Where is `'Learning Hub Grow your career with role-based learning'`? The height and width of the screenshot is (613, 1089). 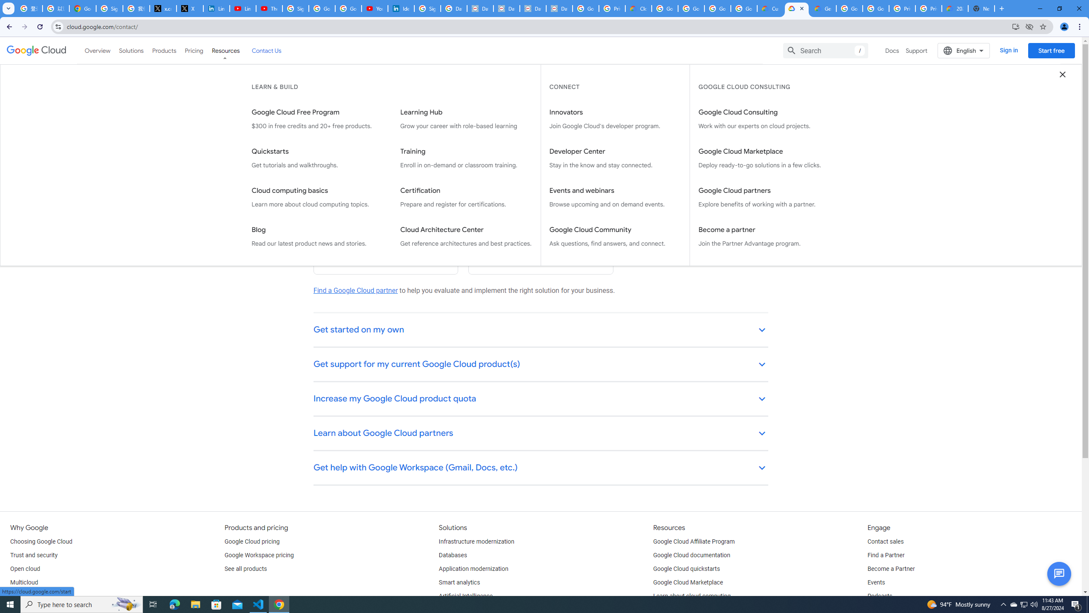
'Learning Hub Grow your career with role-based learning' is located at coordinates (466, 119).